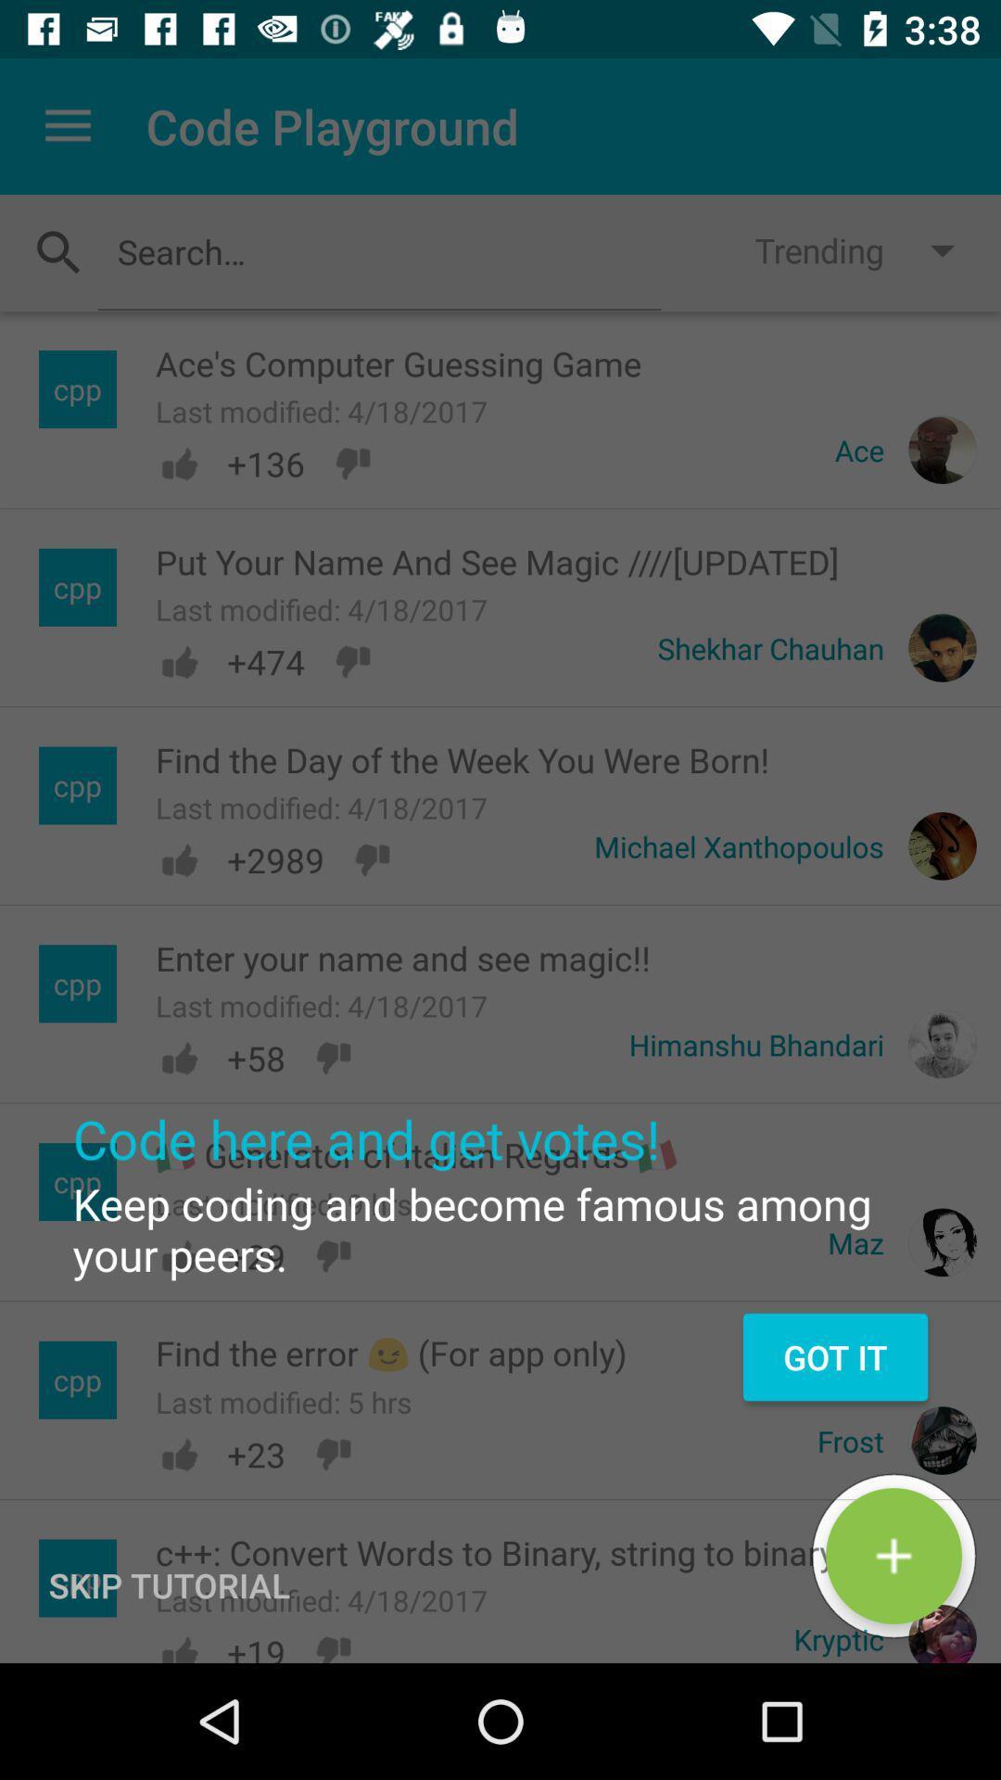 The height and width of the screenshot is (1780, 1001). What do you see at coordinates (378, 250) in the screenshot?
I see `search toolbar` at bounding box center [378, 250].